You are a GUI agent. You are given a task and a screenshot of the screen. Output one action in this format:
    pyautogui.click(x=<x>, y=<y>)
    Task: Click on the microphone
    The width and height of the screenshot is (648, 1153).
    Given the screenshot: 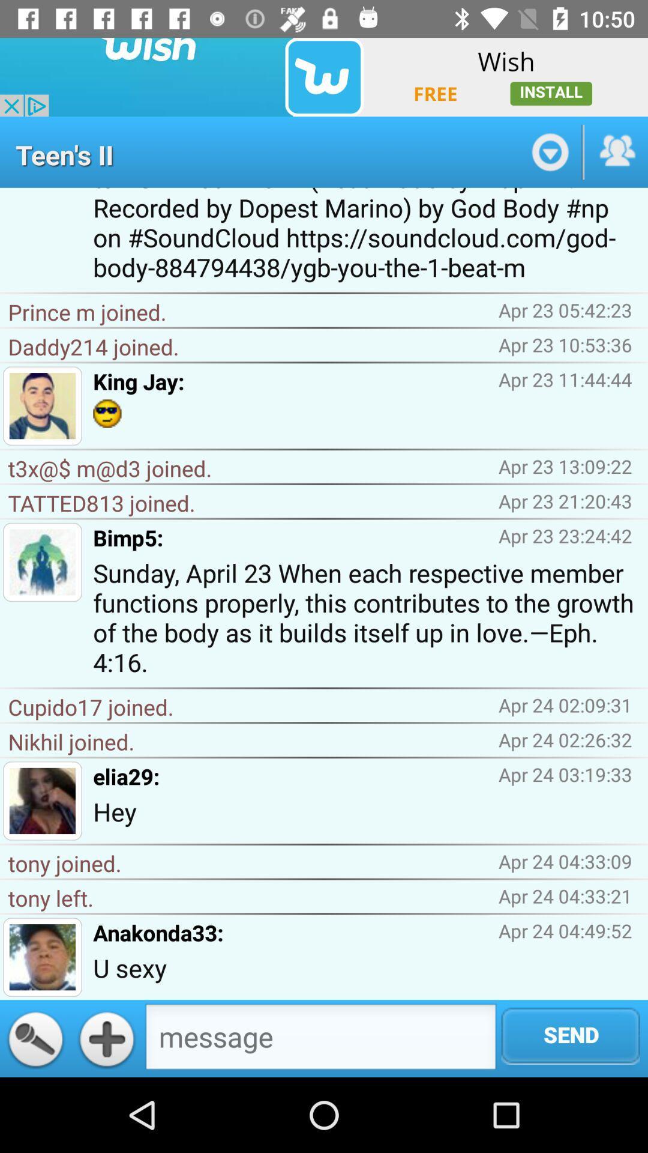 What is the action you would take?
    pyautogui.click(x=35, y=1038)
    